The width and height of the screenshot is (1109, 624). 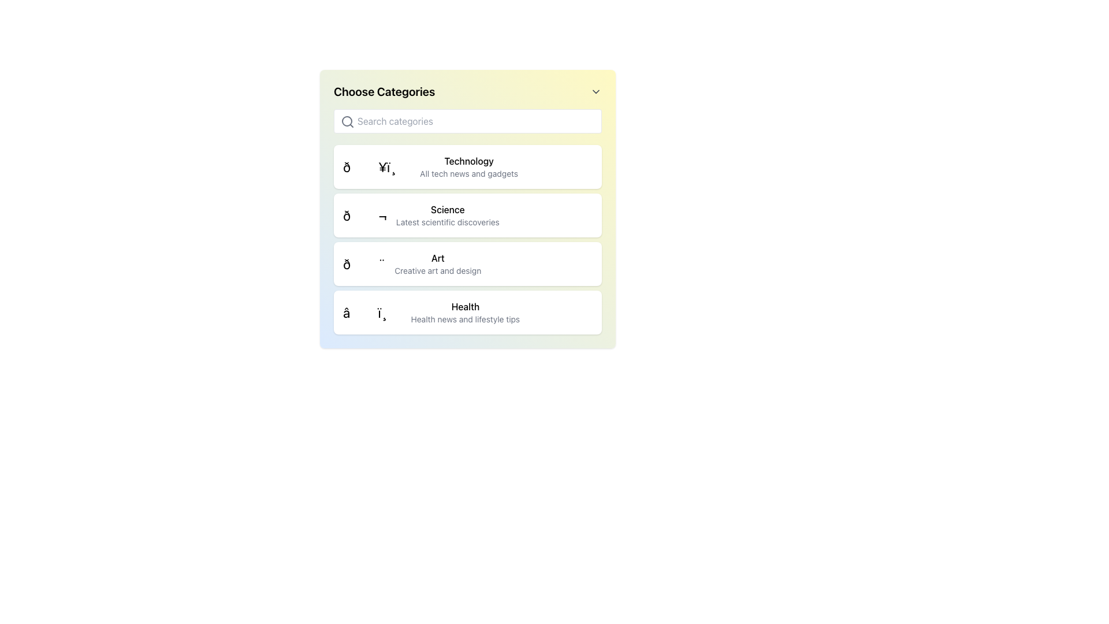 What do you see at coordinates (469, 173) in the screenshot?
I see `the text label that describes the 'Technology' category, which is positioned directly below the bold 'Technology' text in the vertical list of categories` at bounding box center [469, 173].